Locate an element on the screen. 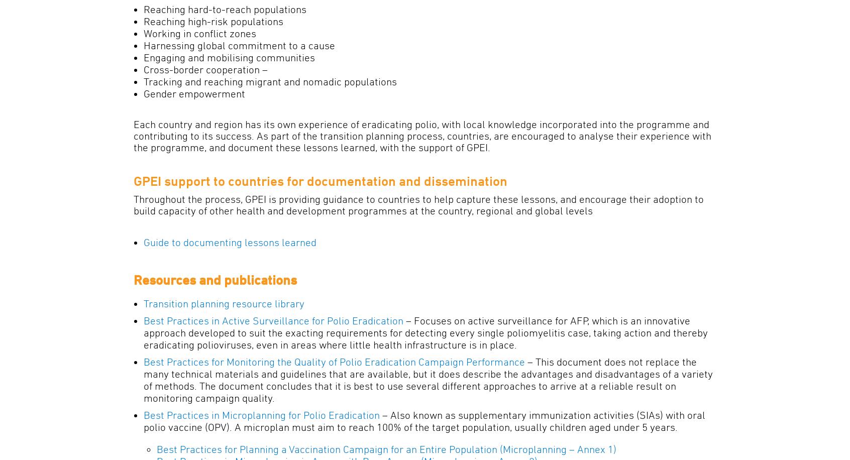 This screenshot has height=460, width=850. 'Best Practices in Active Surveillance for Polio Eradication' is located at coordinates (273, 320).